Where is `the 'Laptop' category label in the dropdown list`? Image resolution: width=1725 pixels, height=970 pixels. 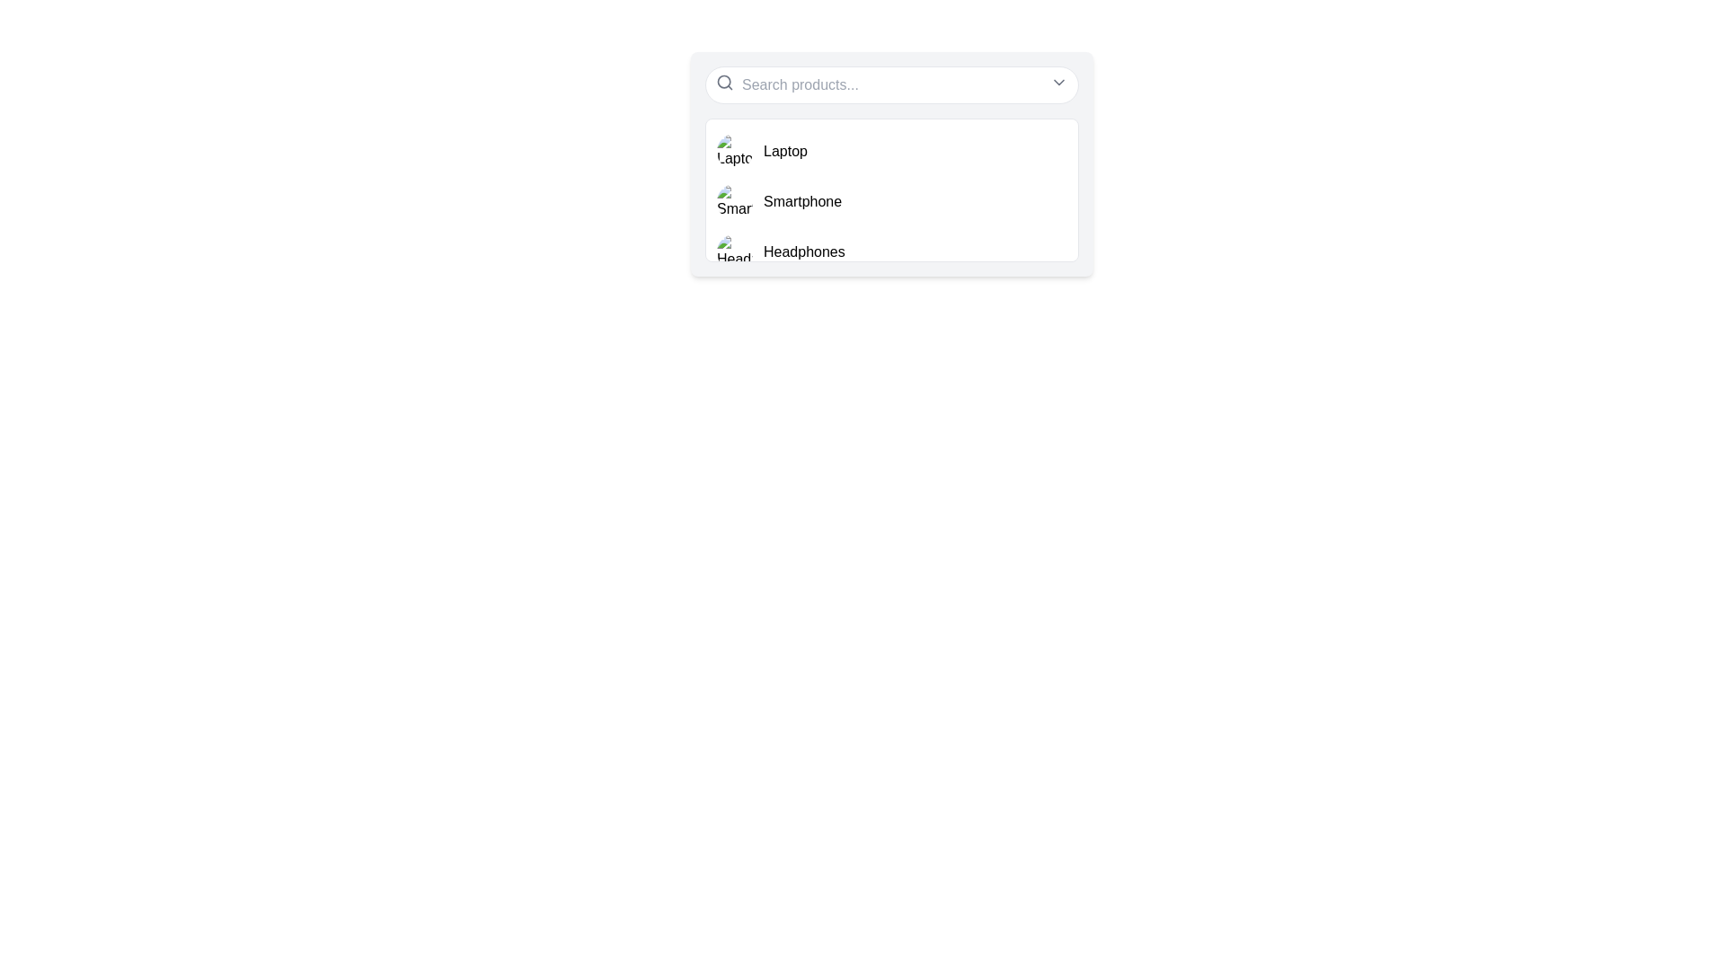 the 'Laptop' category label in the dropdown list is located at coordinates (785, 151).